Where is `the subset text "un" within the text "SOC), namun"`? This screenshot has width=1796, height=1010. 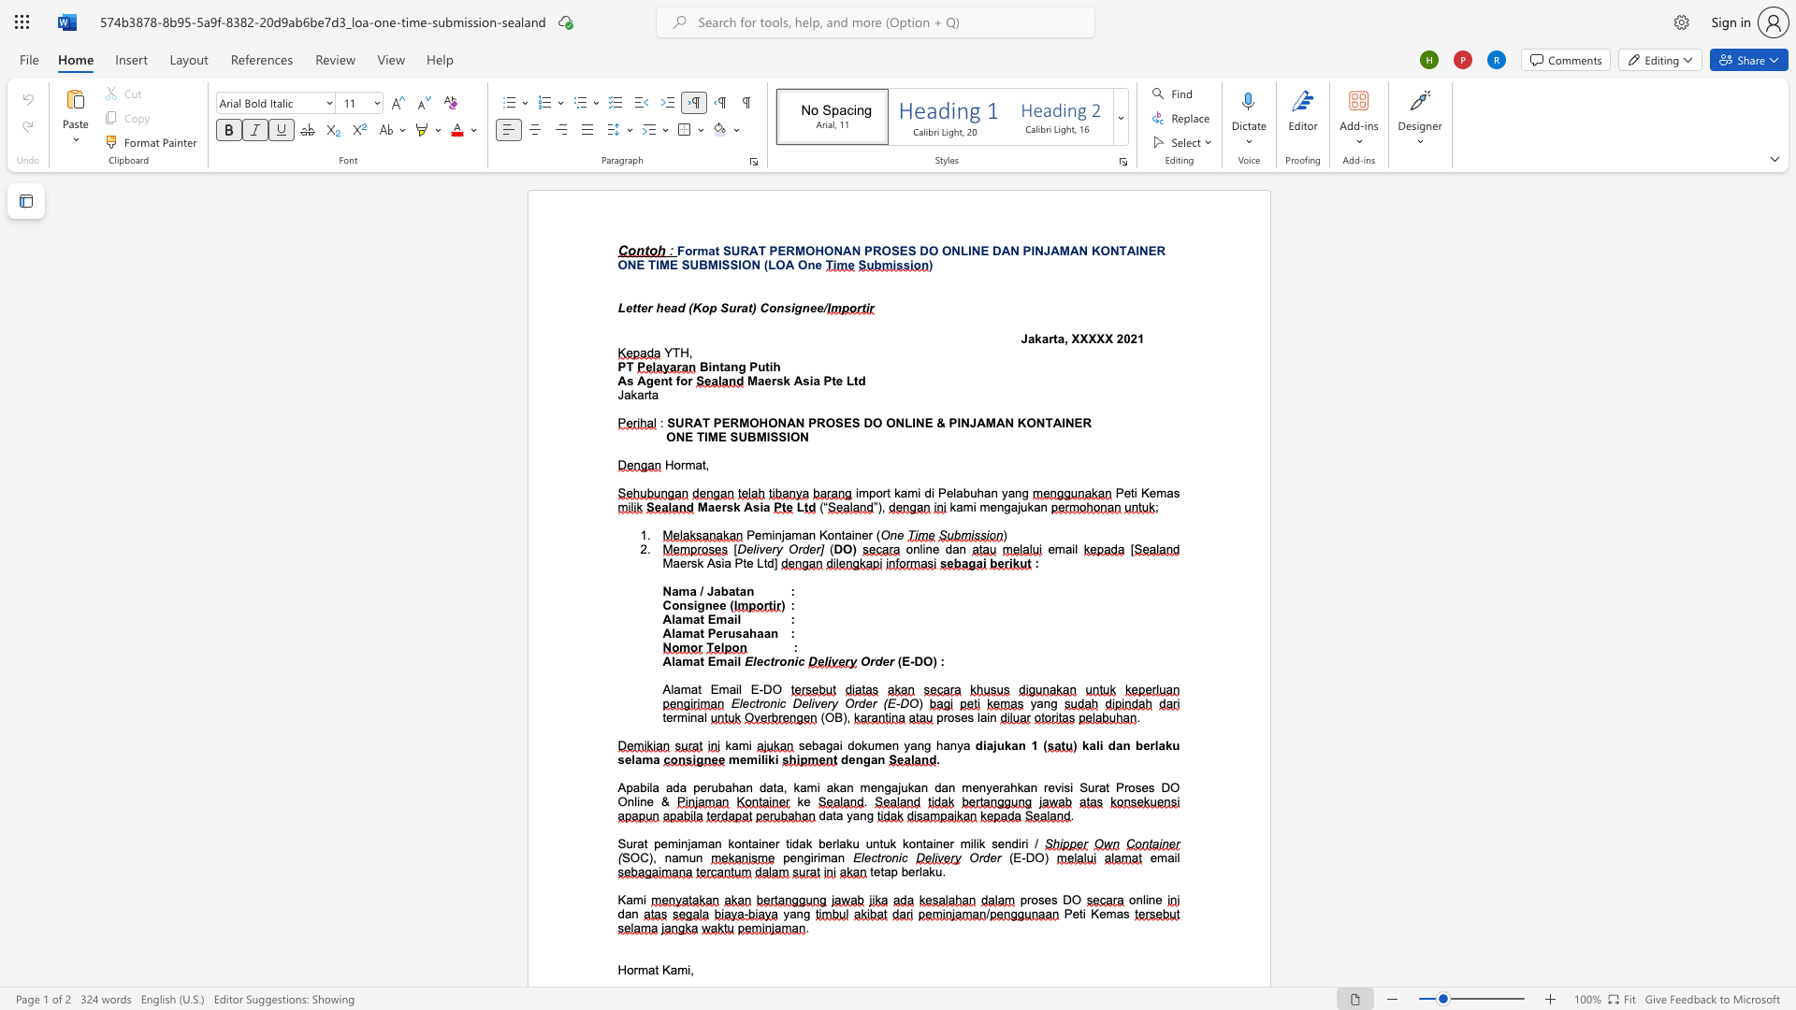
the subset text "un" within the text "SOC), namun" is located at coordinates (688, 858).